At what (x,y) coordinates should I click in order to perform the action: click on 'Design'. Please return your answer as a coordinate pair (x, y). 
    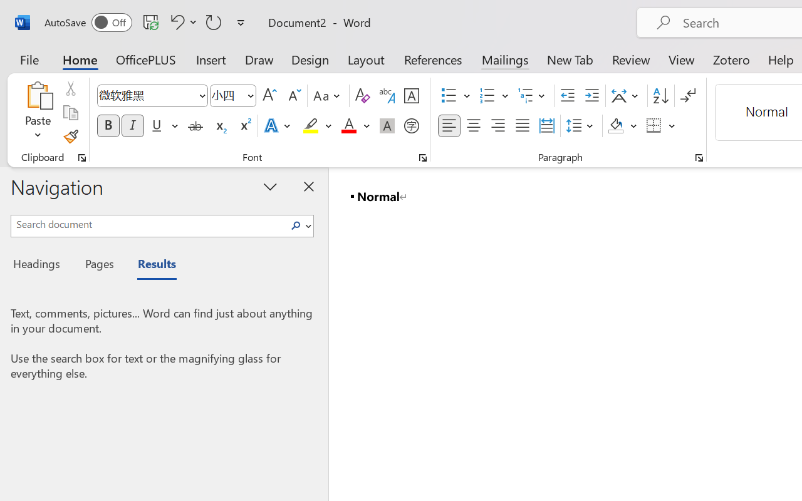
    Looking at the image, I should click on (310, 59).